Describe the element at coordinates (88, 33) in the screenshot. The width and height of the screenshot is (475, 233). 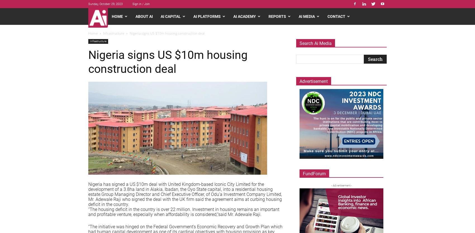
I see `'Home'` at that location.